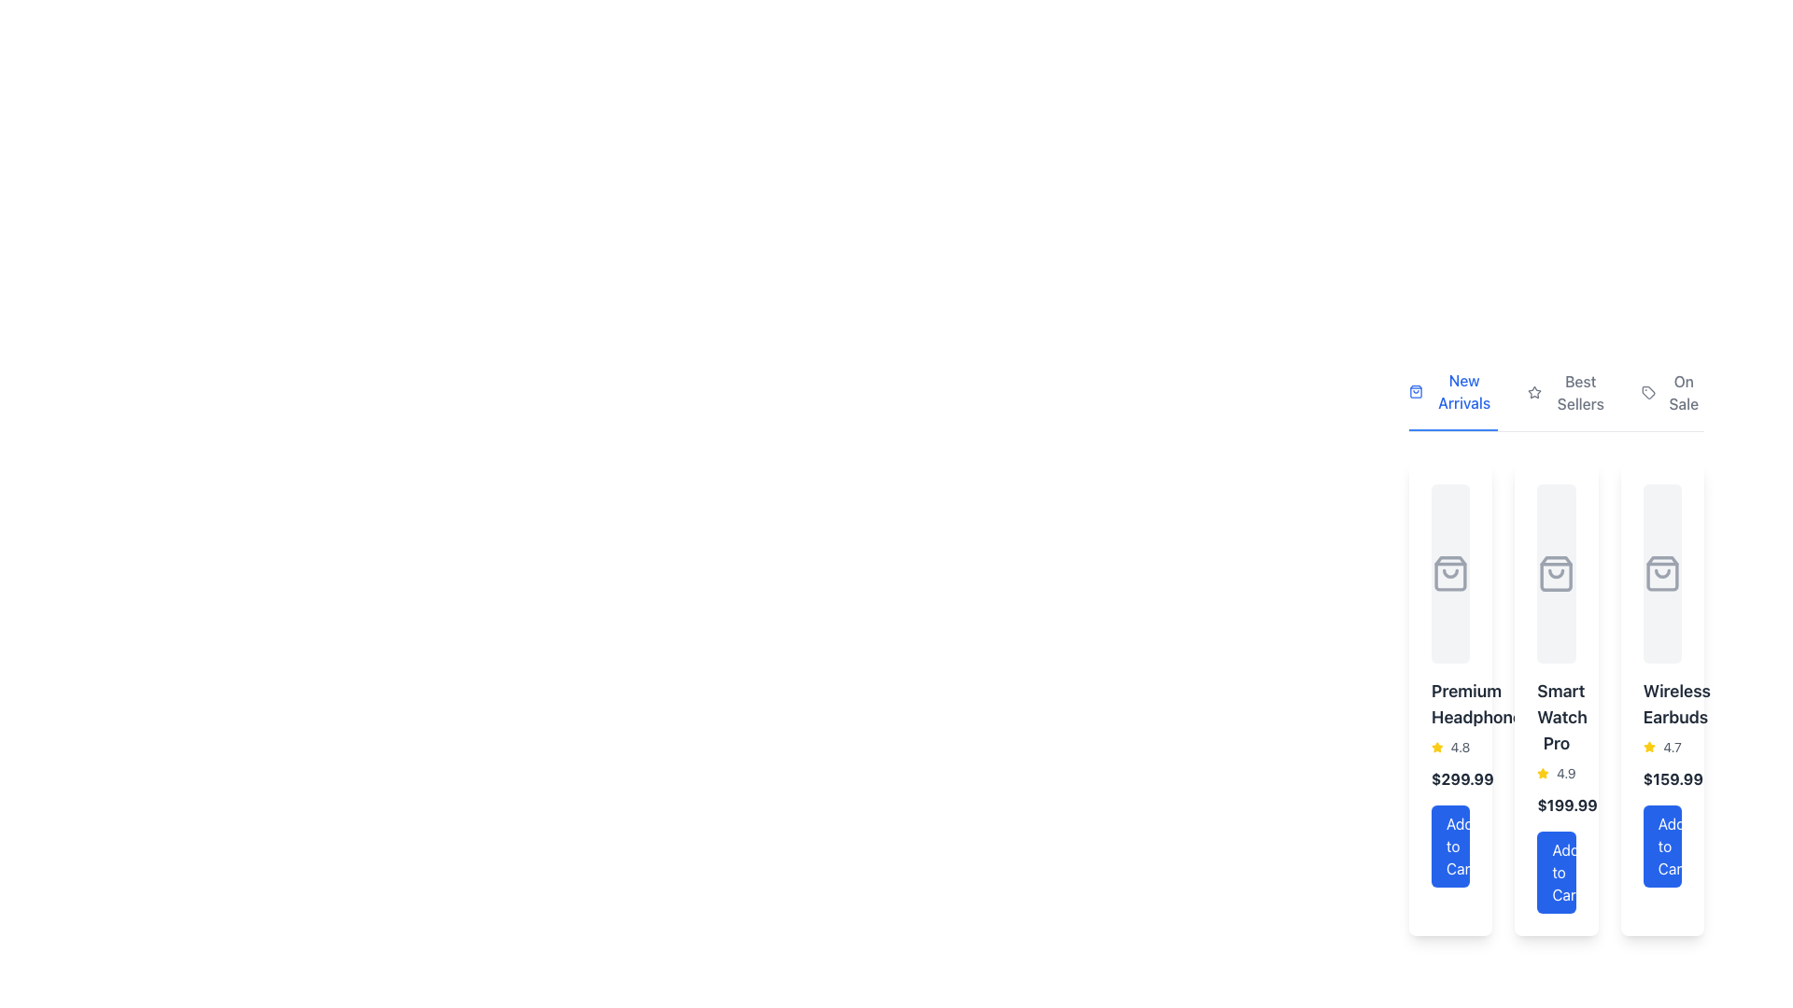  What do you see at coordinates (1662, 846) in the screenshot?
I see `the 'Add to Cart' button for the product 'Wireless Earbuds' to trigger the hover effect` at bounding box center [1662, 846].